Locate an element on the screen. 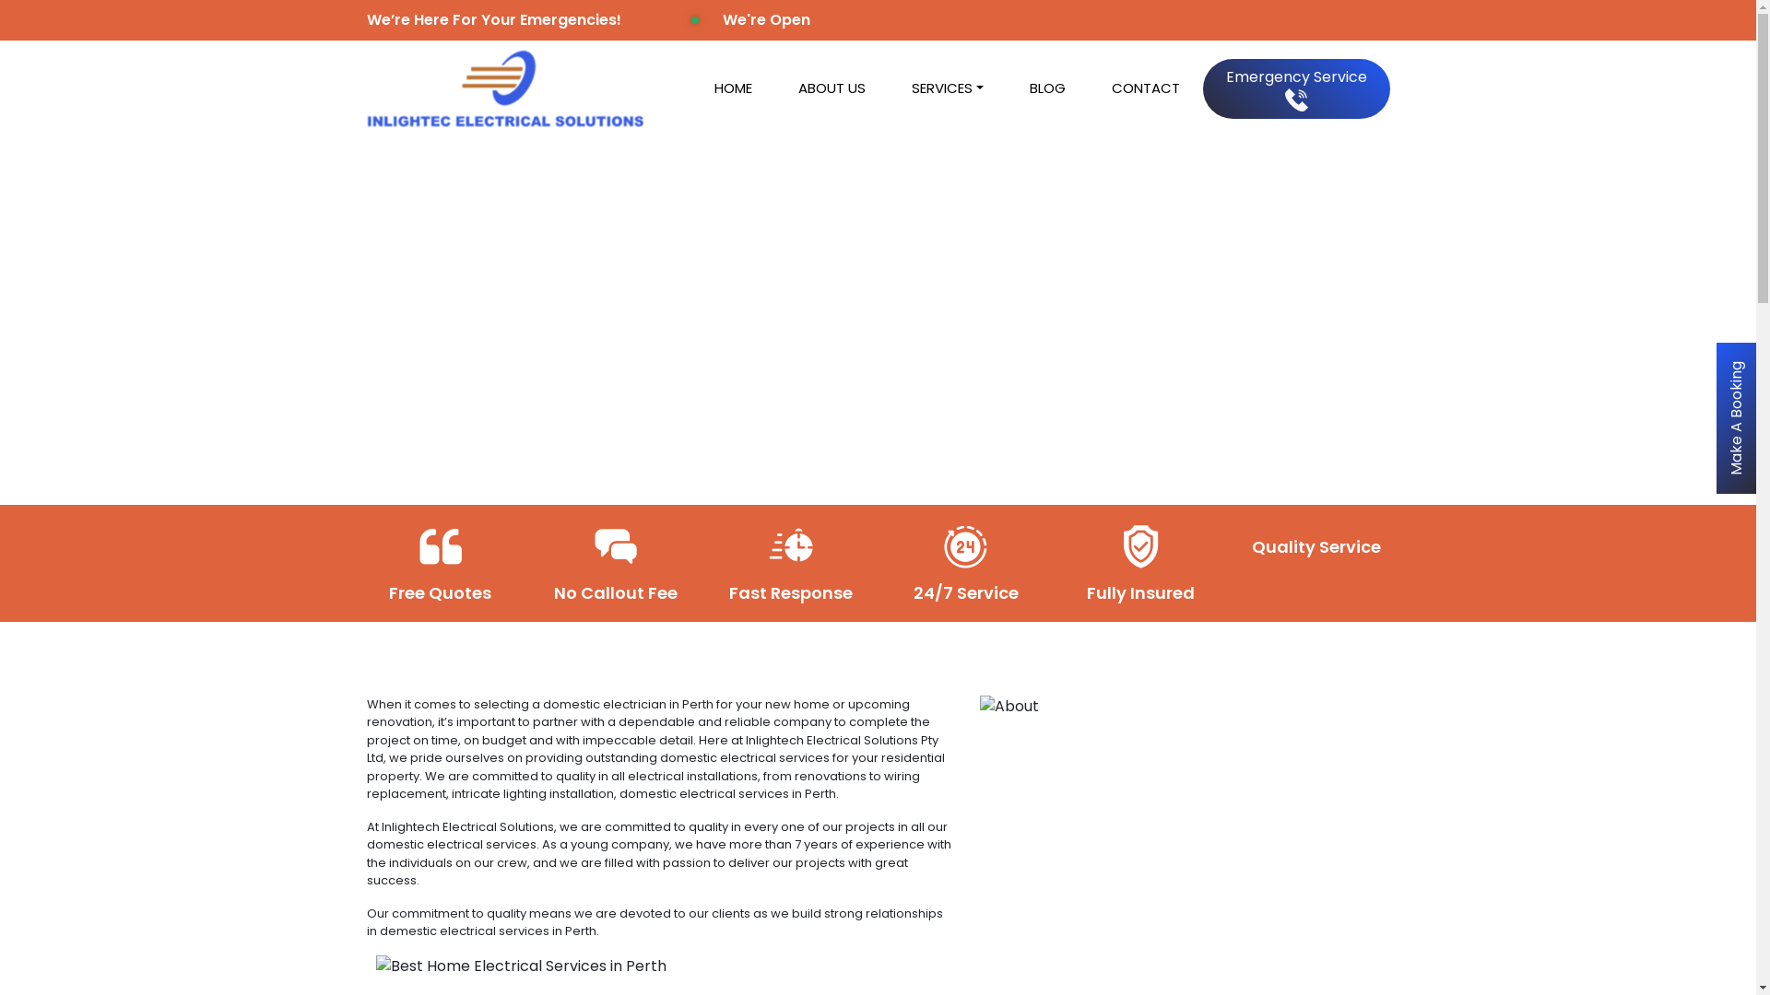  'ABOUT US' is located at coordinates (831, 88).